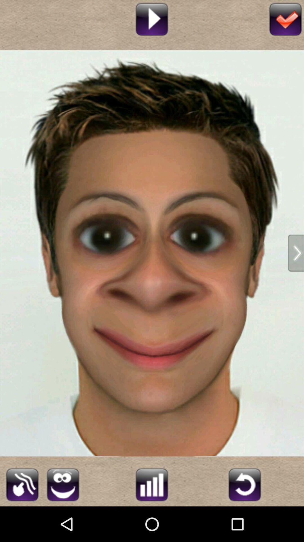  Describe the element at coordinates (151, 484) in the screenshot. I see `icon at the bottom` at that location.